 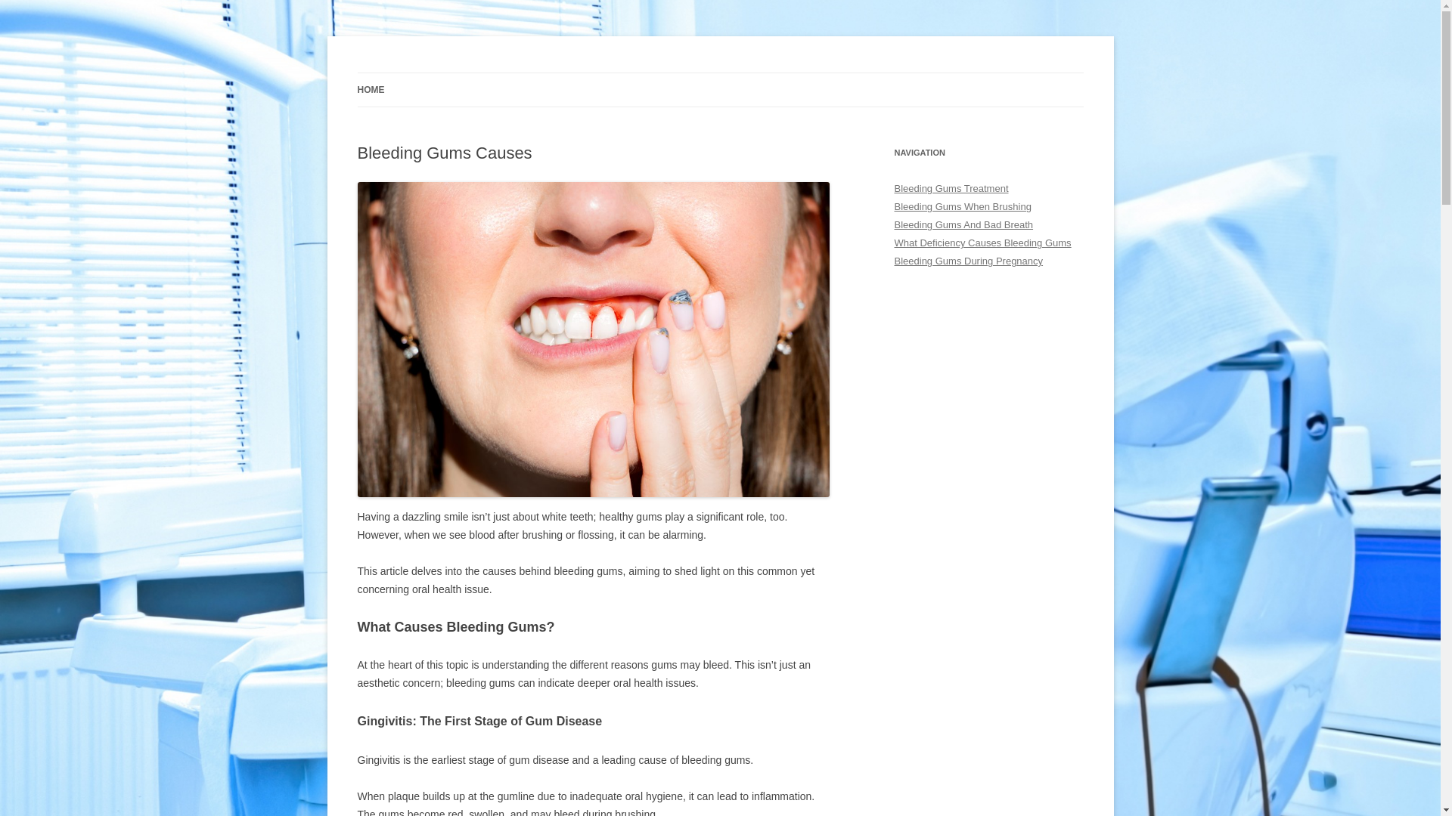 I want to click on 'HOME', so click(x=370, y=90).